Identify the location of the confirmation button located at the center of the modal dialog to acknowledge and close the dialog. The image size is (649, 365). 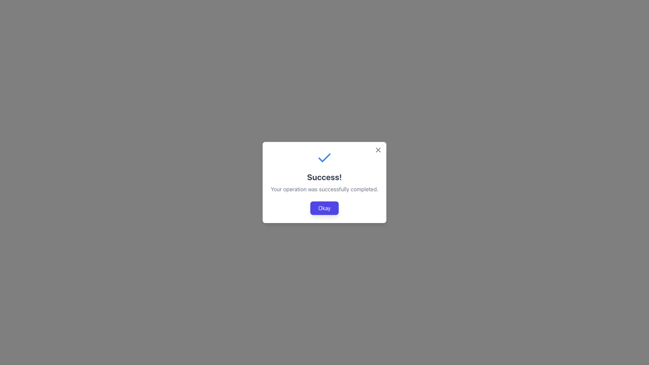
(324, 208).